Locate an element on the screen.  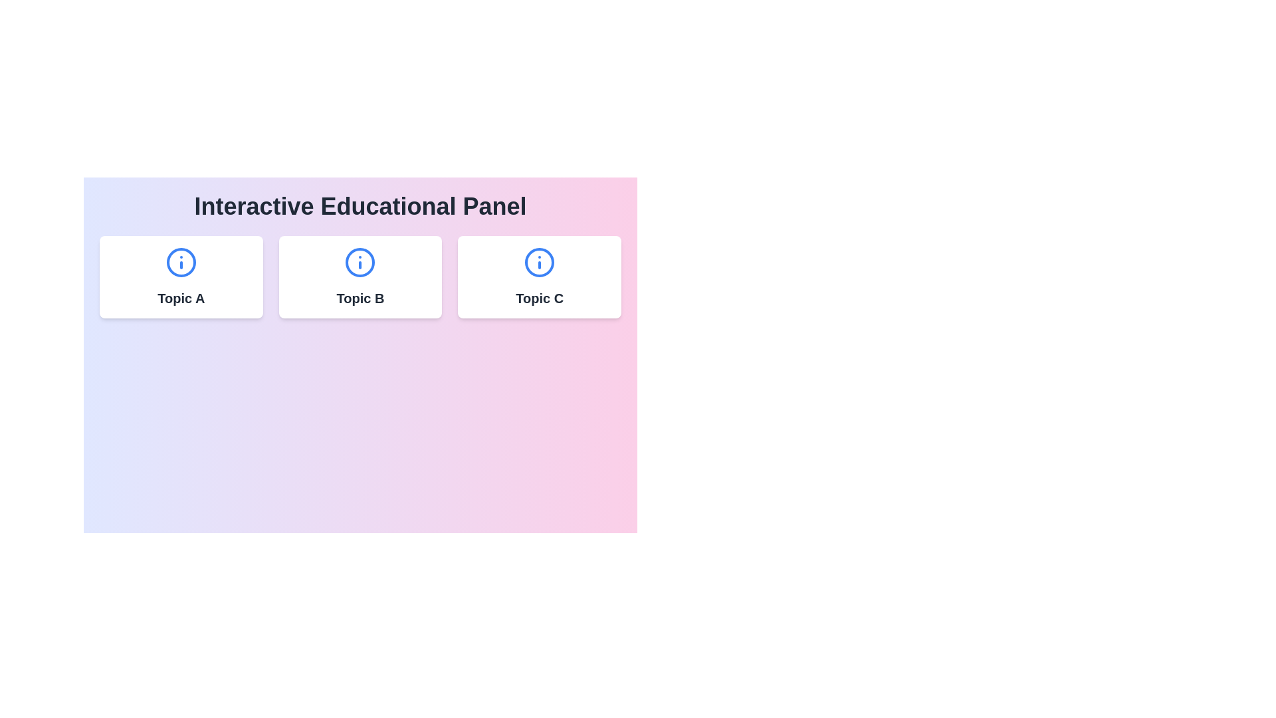
the circular blue outlined icon with an 'i' character located above the label 'Topic B' in the white card to get more information is located at coordinates (360, 262).